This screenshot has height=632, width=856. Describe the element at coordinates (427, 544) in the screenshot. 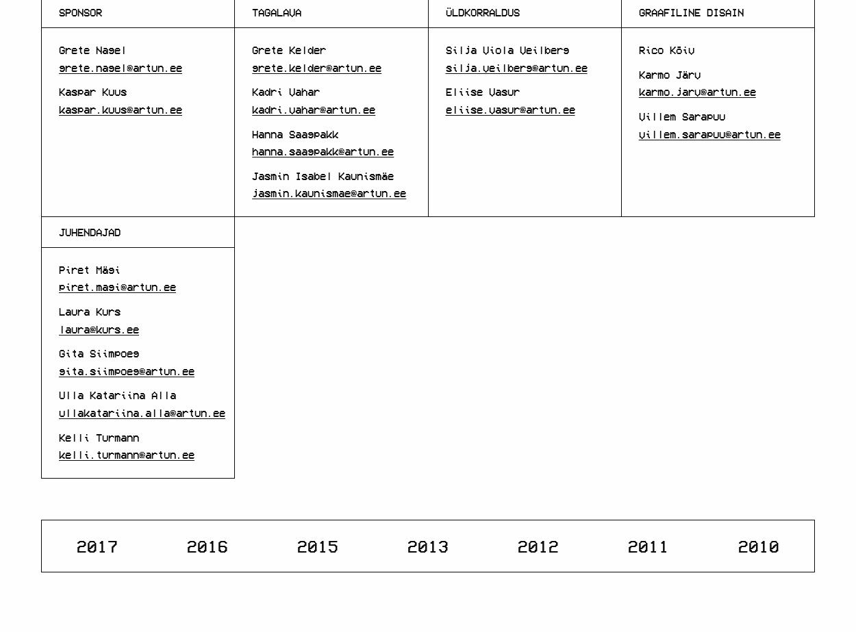

I see `'2013'` at that location.